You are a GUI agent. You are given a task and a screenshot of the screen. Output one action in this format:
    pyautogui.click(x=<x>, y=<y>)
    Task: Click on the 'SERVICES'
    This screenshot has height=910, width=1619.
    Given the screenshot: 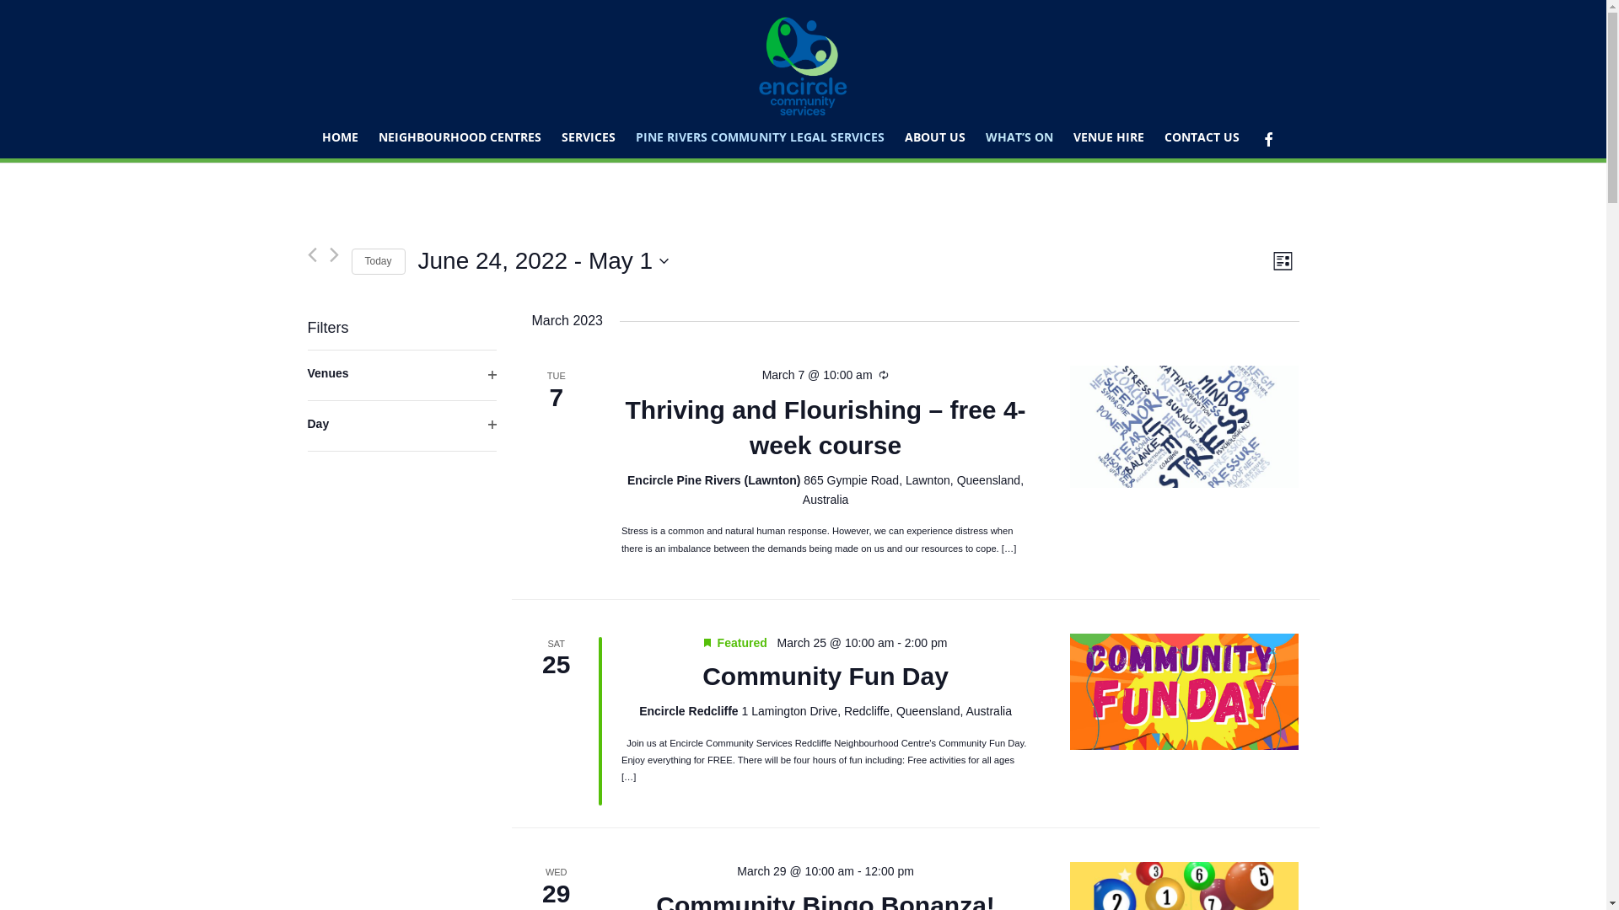 What is the action you would take?
    pyautogui.click(x=588, y=136)
    